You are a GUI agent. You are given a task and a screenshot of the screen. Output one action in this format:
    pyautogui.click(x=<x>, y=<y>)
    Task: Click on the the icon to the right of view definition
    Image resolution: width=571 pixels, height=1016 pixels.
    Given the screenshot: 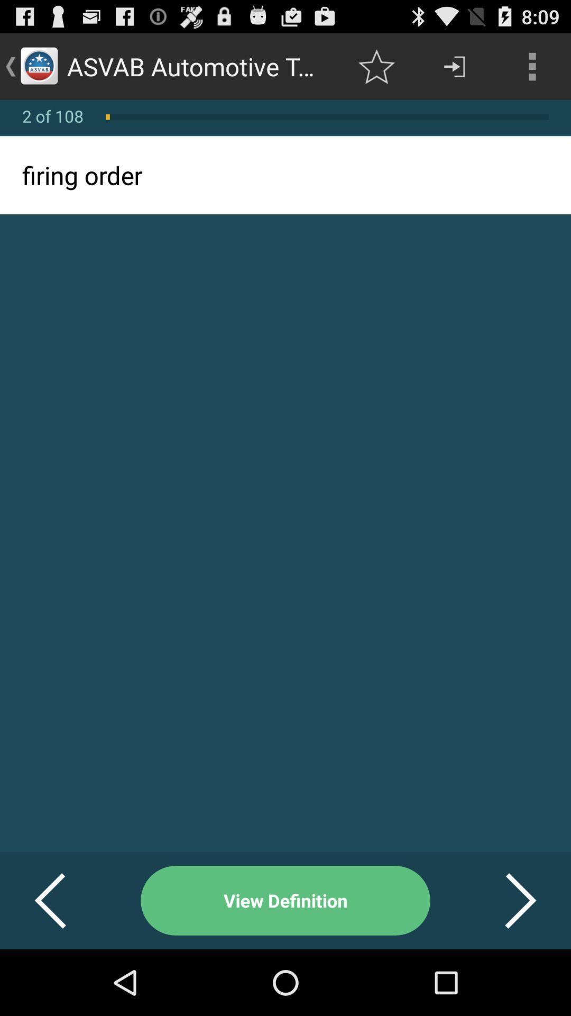 What is the action you would take?
    pyautogui.click(x=507, y=900)
    